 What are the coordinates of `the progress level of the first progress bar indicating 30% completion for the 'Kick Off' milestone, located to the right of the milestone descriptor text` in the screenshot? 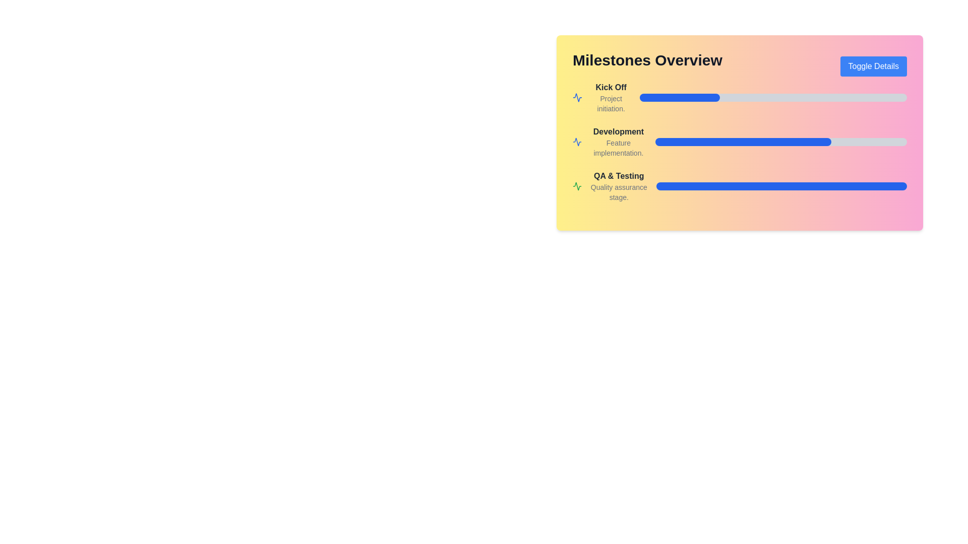 It's located at (773, 97).